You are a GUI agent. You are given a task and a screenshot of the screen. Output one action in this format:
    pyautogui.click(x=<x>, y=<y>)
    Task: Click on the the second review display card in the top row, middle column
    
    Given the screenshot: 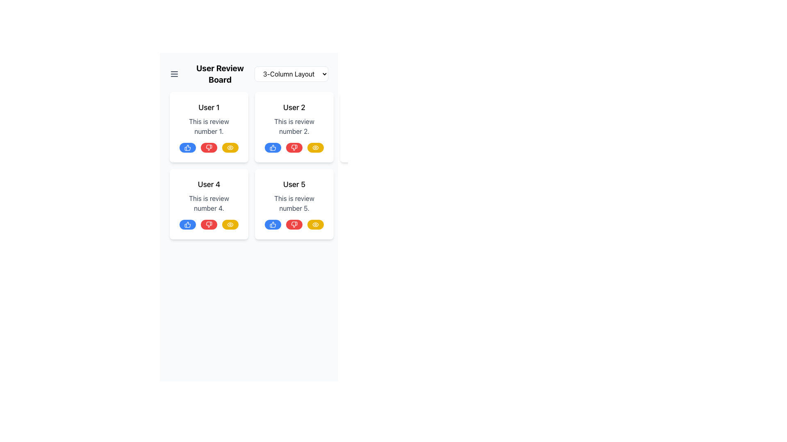 What is the action you would take?
    pyautogui.click(x=294, y=127)
    